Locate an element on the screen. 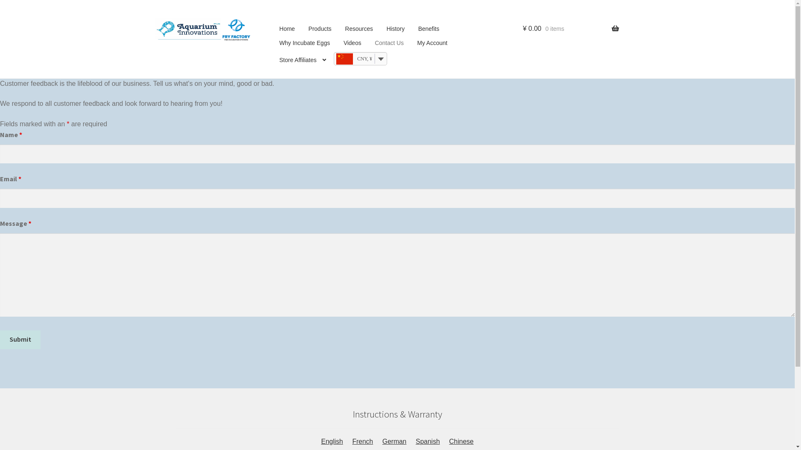 This screenshot has width=801, height=450. 'German' is located at coordinates (394, 441).